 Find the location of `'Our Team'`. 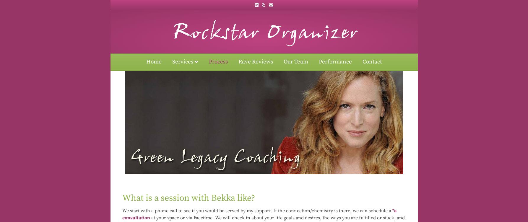

'Our Team' is located at coordinates (283, 62).